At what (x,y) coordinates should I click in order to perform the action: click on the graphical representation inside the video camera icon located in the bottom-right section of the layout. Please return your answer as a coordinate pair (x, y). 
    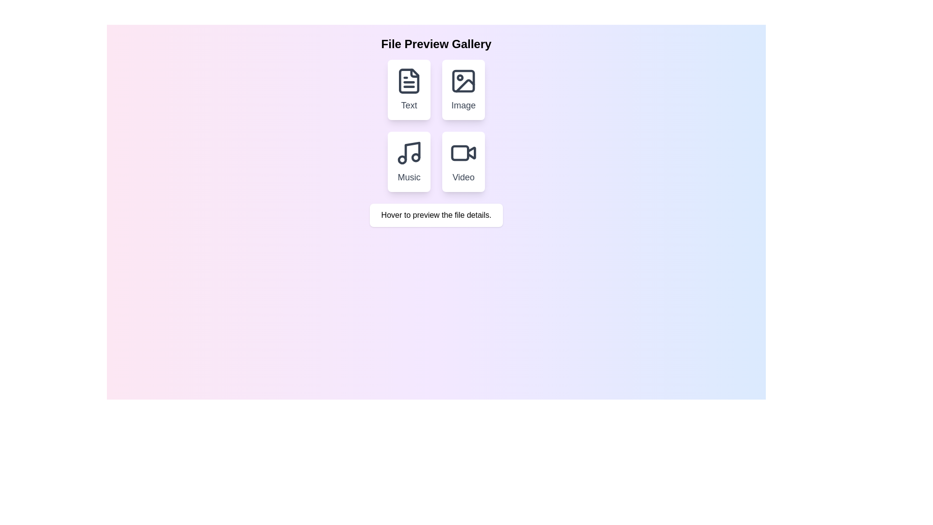
    Looking at the image, I should click on (459, 153).